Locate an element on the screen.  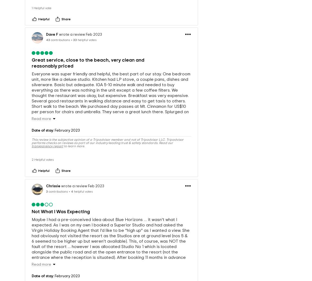
'to learn more.' is located at coordinates (74, 147).